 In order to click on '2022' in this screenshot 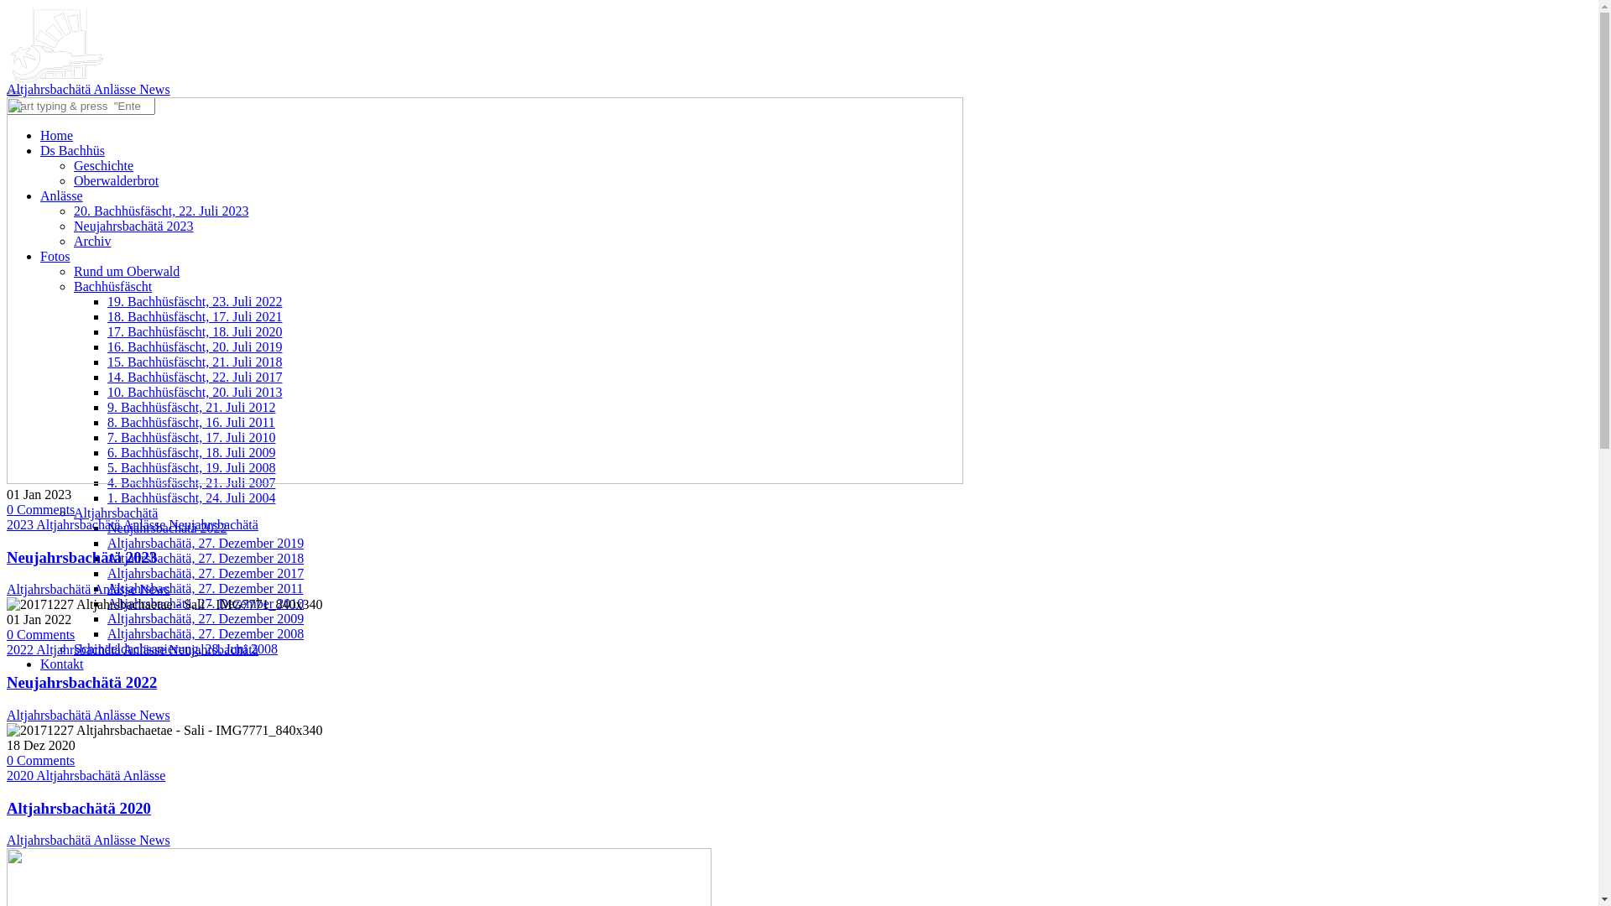, I will do `click(21, 648)`.